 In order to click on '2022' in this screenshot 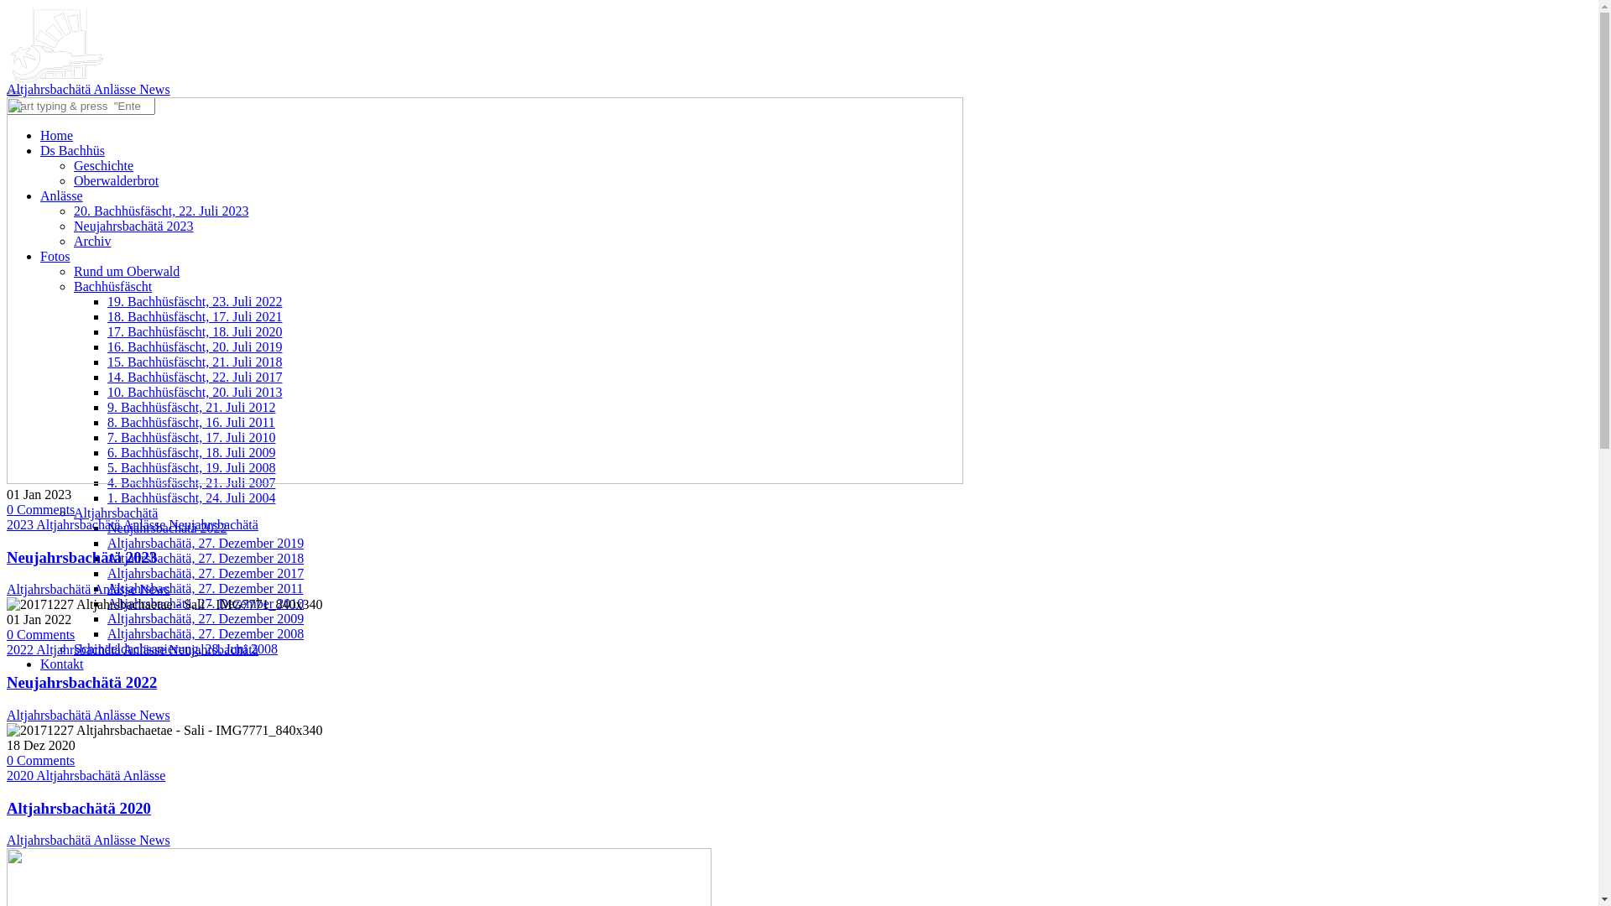, I will do `click(21, 648)`.